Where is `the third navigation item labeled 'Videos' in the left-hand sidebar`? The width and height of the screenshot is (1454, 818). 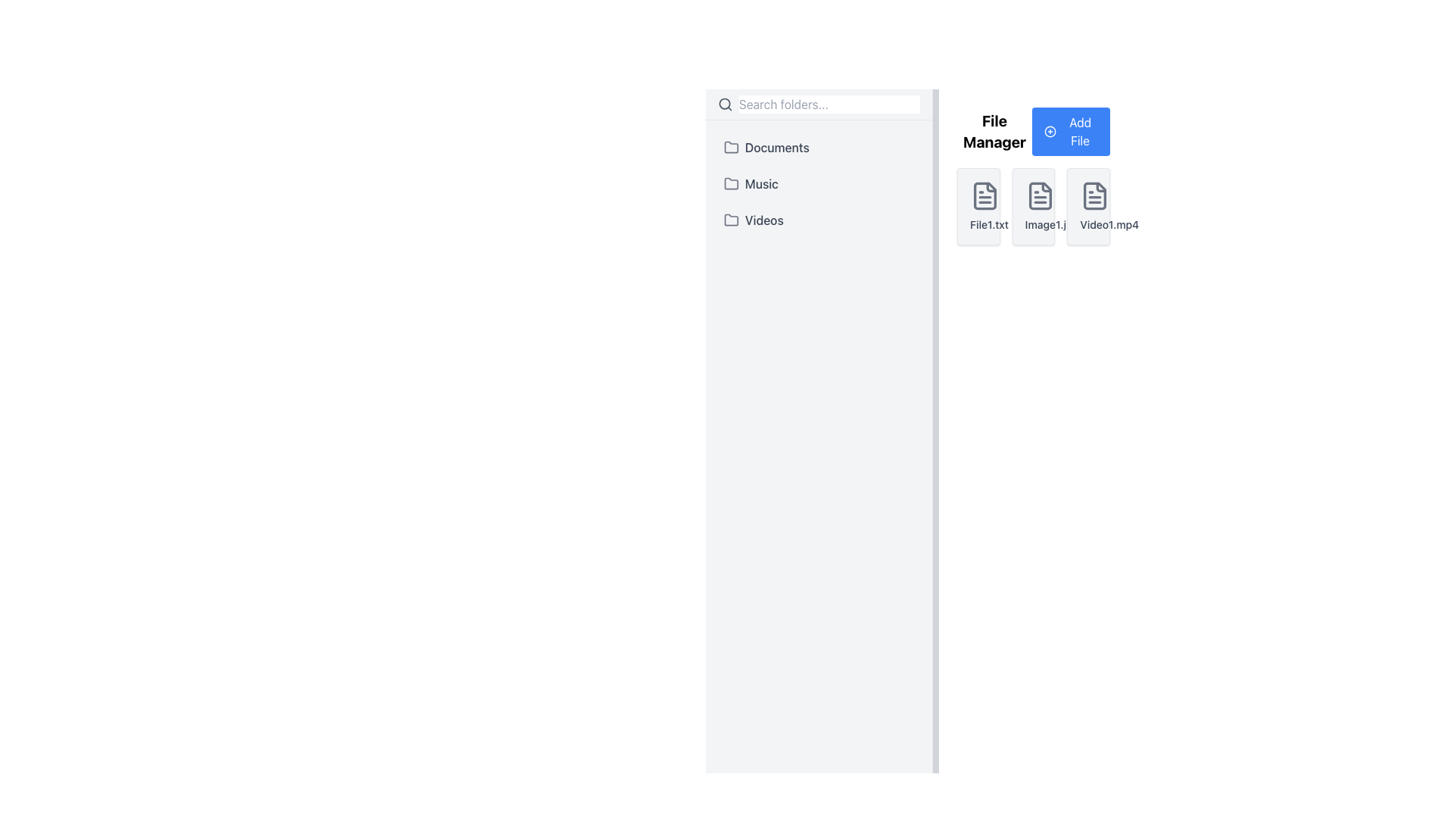 the third navigation item labeled 'Videos' in the left-hand sidebar is located at coordinates (818, 220).